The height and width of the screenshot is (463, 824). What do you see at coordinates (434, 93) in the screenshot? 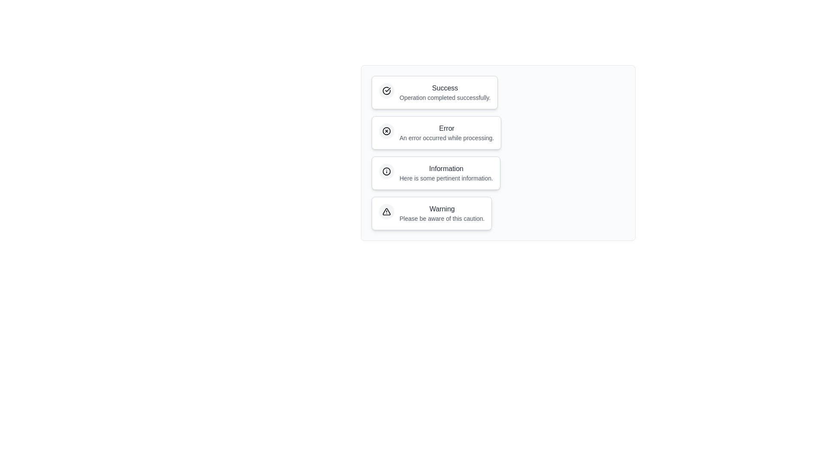
I see `the notification chip labeled Success` at bounding box center [434, 93].